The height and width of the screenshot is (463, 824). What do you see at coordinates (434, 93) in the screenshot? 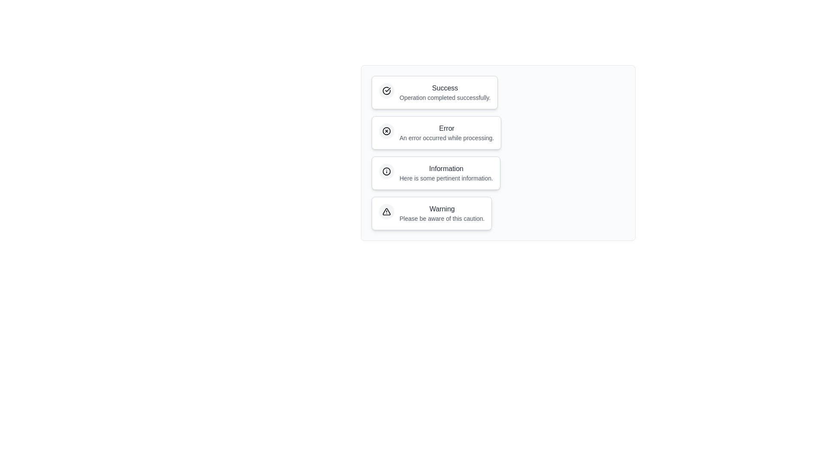
I see `the notification chip labeled Success` at bounding box center [434, 93].